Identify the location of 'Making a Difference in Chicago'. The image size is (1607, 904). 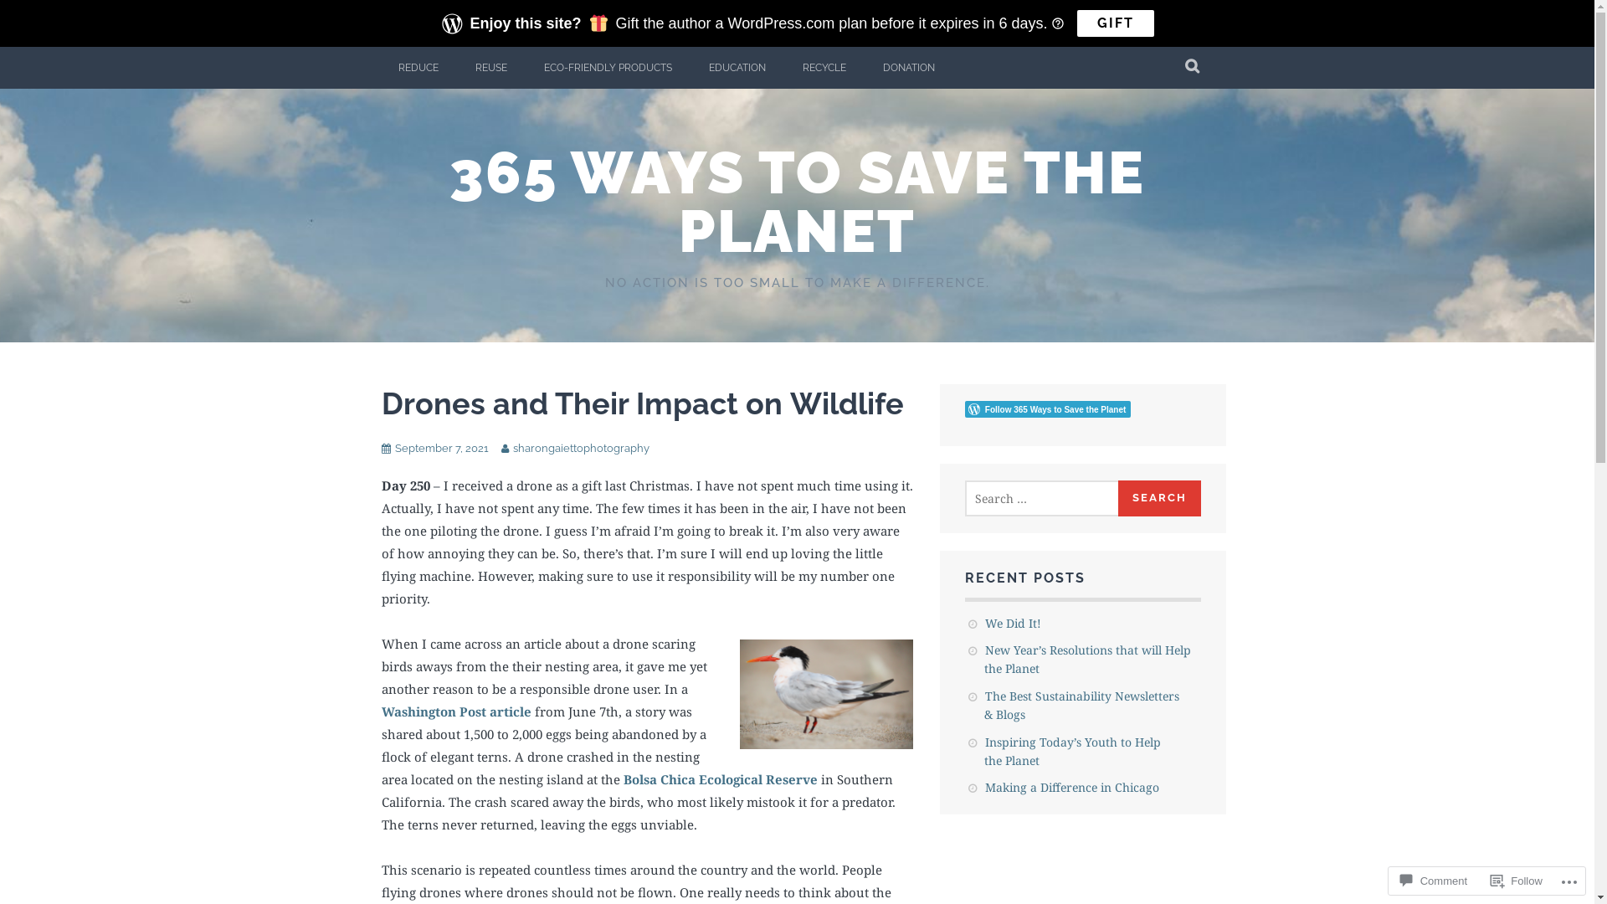
(1072, 787).